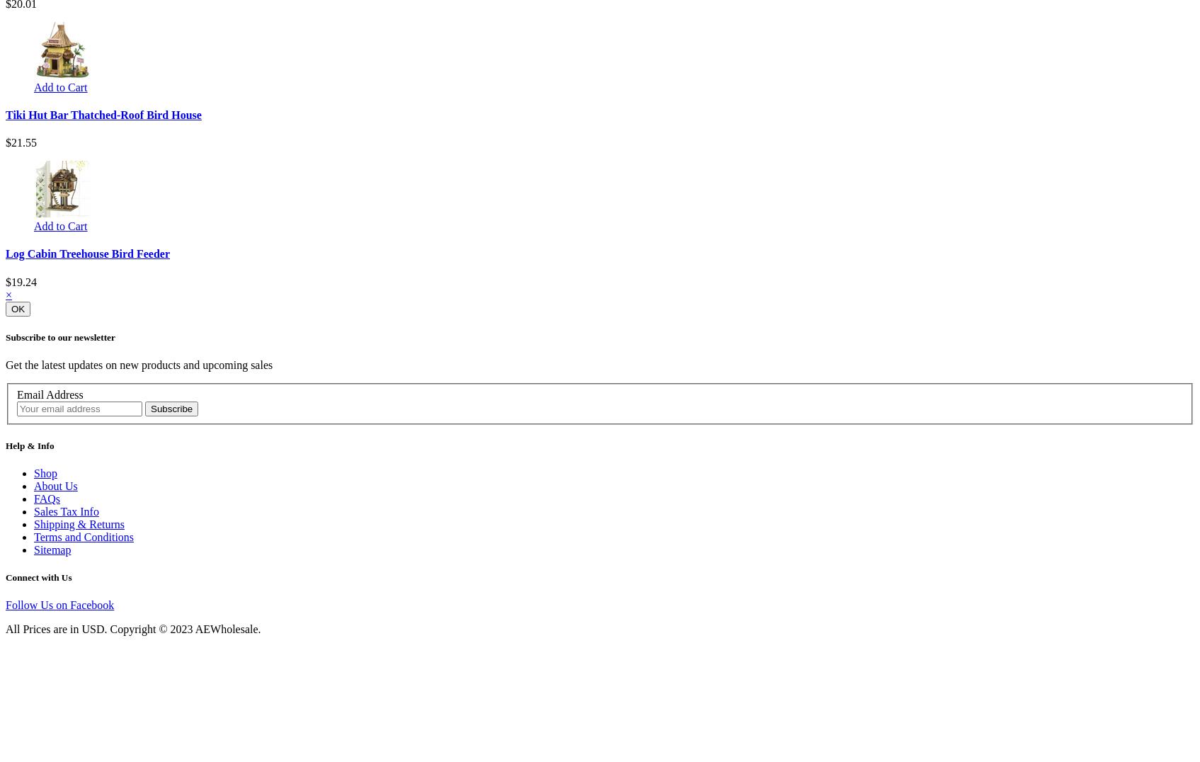 Image resolution: width=1200 pixels, height=762 pixels. Describe the element at coordinates (45, 472) in the screenshot. I see `'Shop'` at that location.